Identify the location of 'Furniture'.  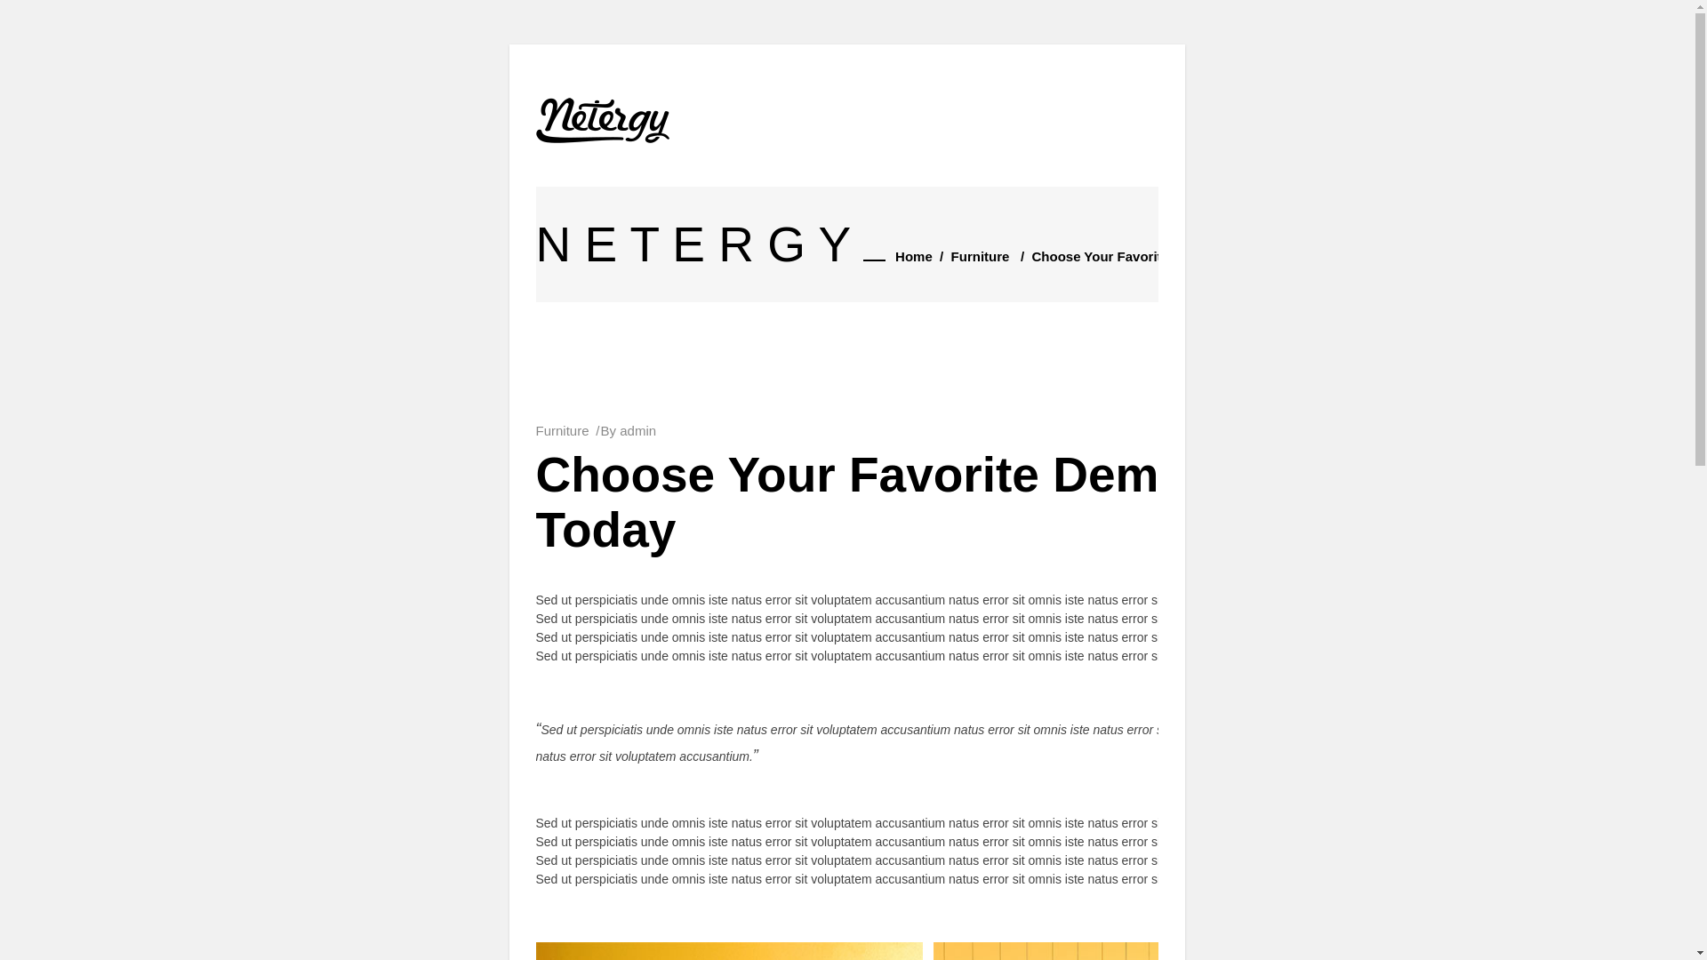
(561, 430).